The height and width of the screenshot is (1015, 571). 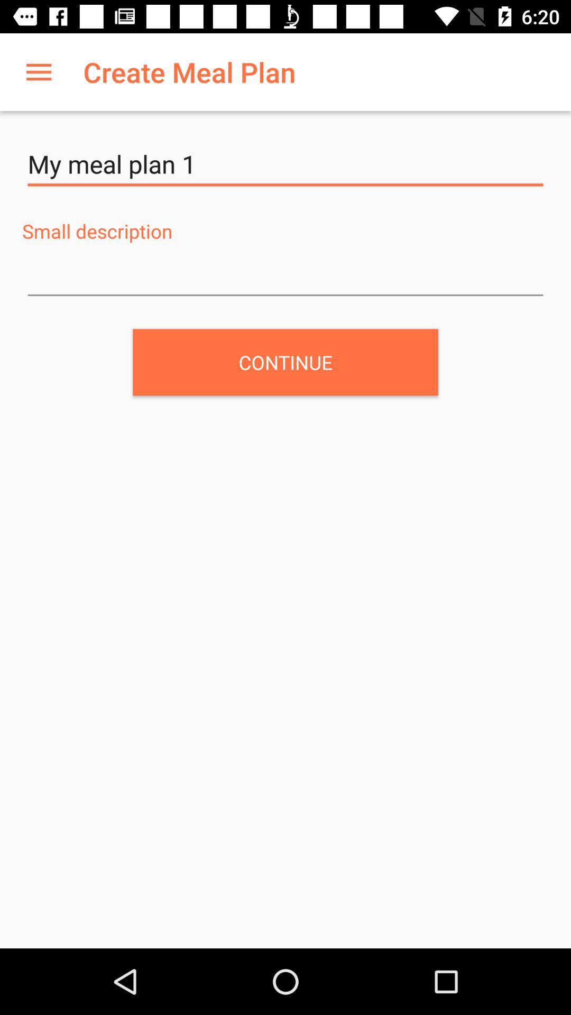 What do you see at coordinates (38, 71) in the screenshot?
I see `item above my meal plan item` at bounding box center [38, 71].